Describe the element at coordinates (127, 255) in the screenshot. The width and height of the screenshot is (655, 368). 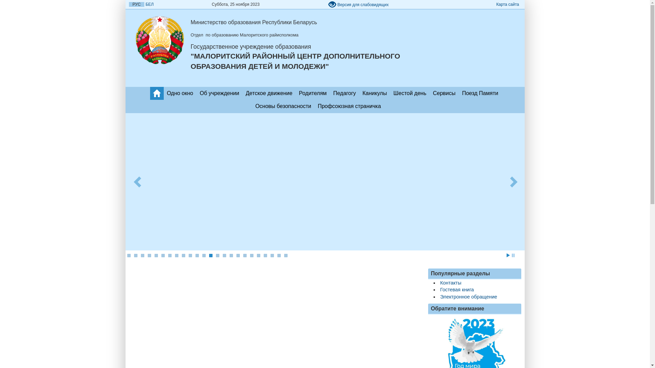
I see `'1'` at that location.